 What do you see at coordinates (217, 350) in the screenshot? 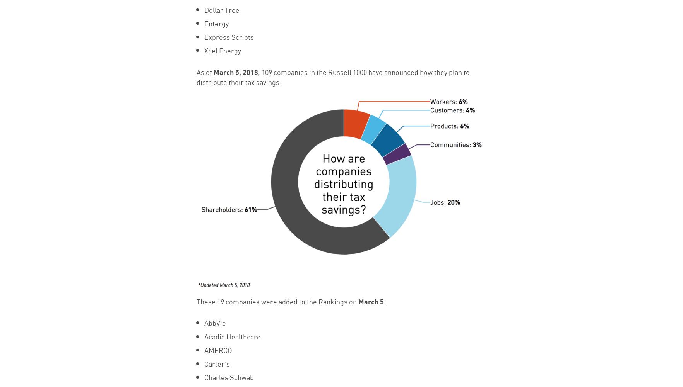
I see `'AMERCO'` at bounding box center [217, 350].